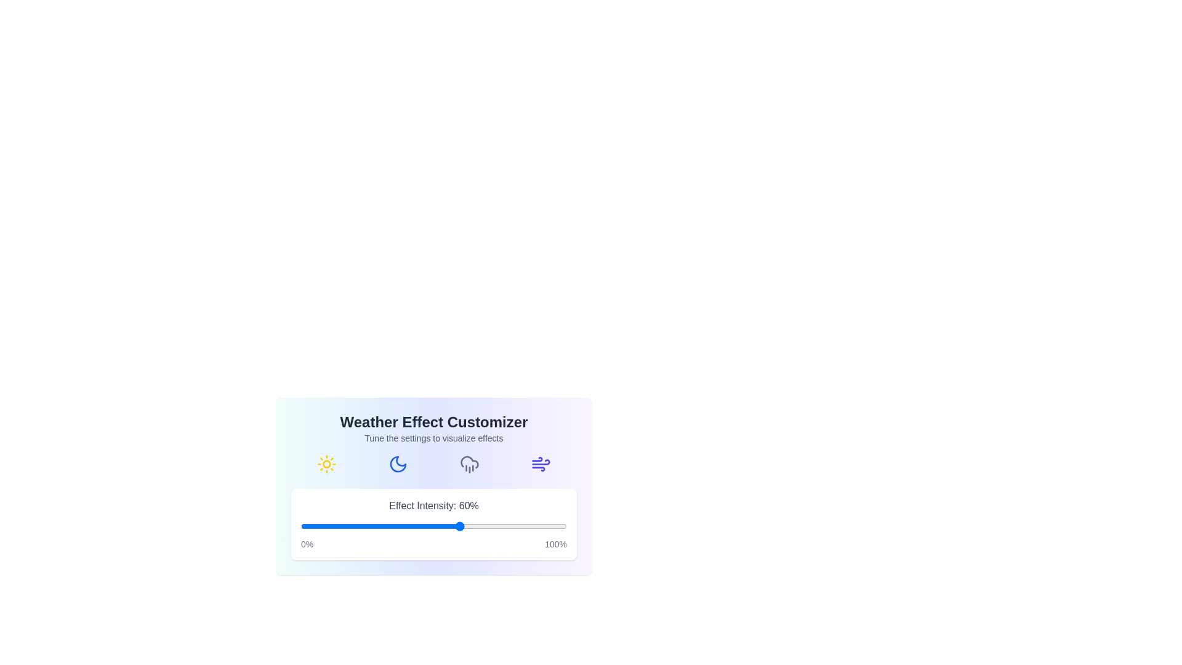 This screenshot has height=665, width=1182. I want to click on the effect intensity, so click(500, 526).